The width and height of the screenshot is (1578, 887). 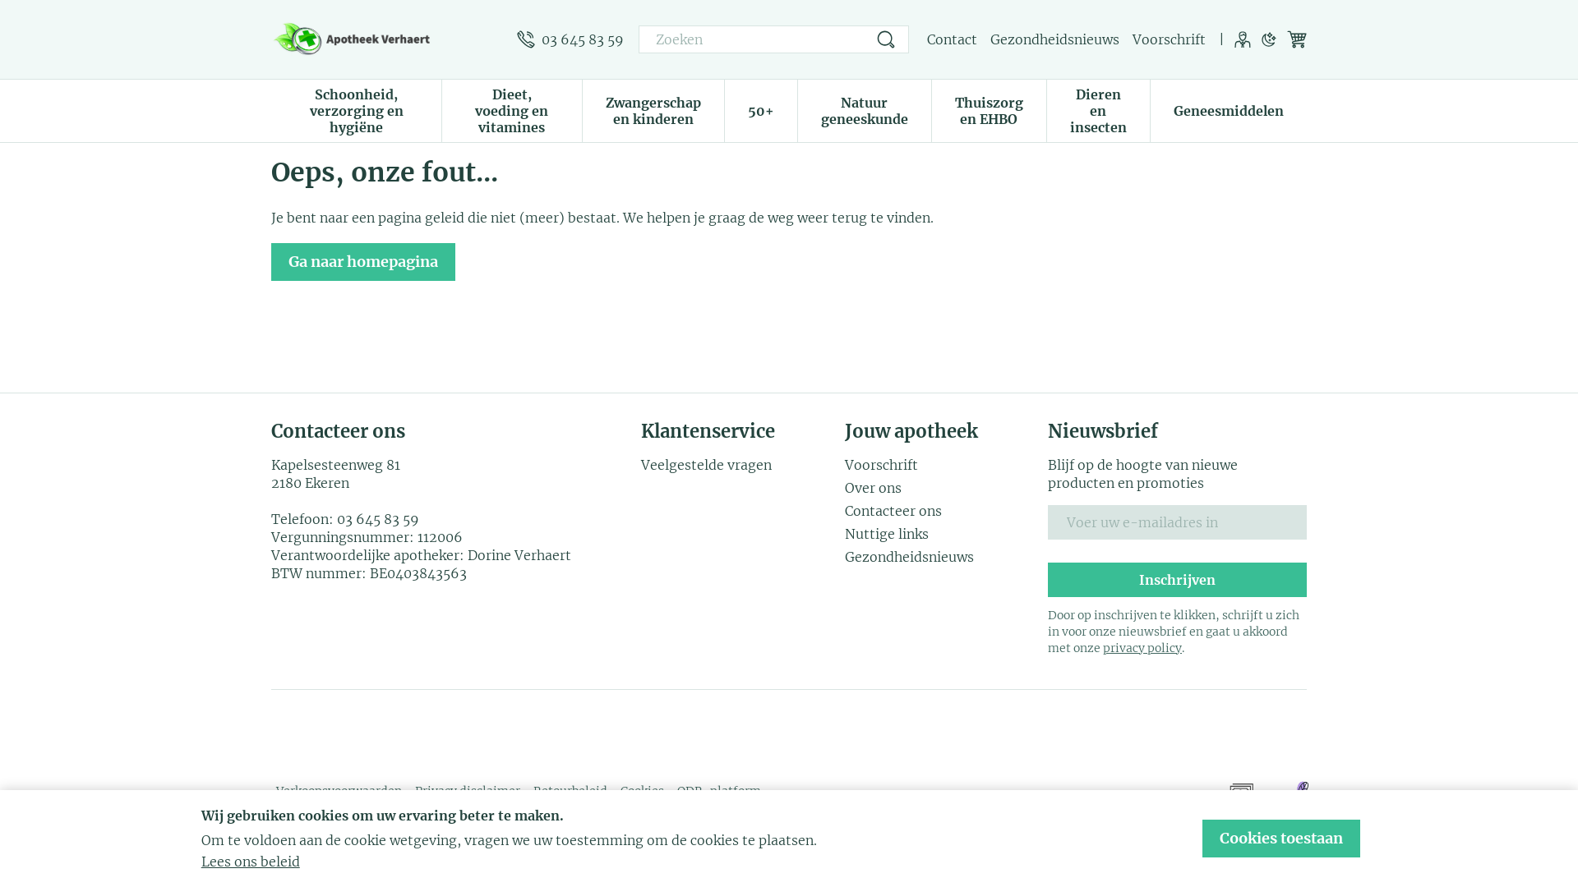 What do you see at coordinates (1098, 108) in the screenshot?
I see `'Dieren en insecten'` at bounding box center [1098, 108].